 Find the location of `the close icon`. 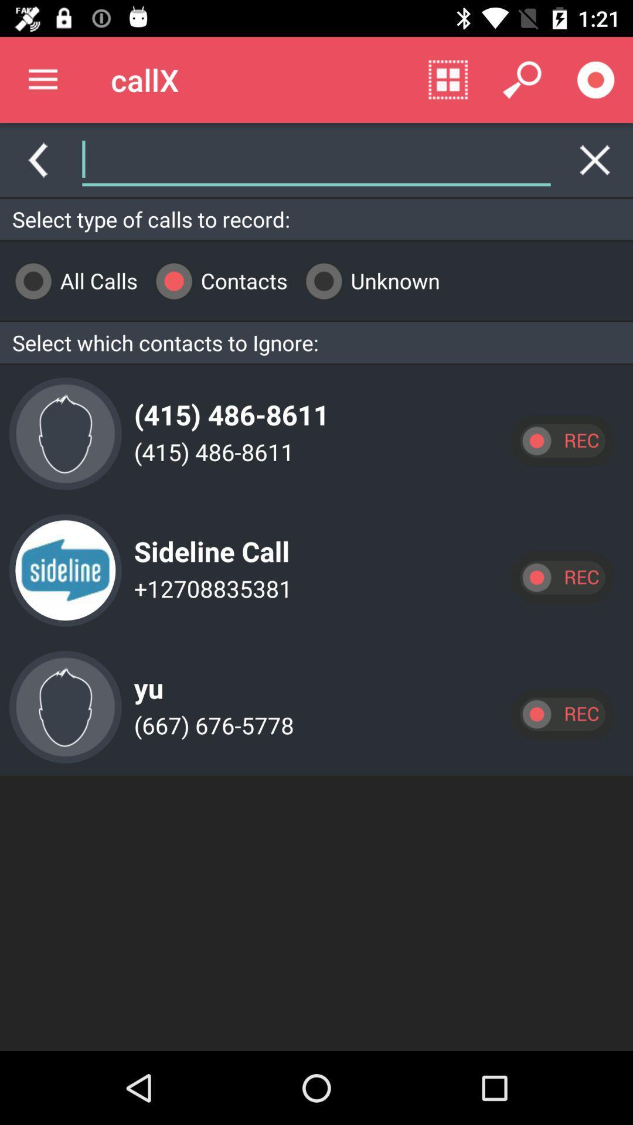

the close icon is located at coordinates (595, 159).